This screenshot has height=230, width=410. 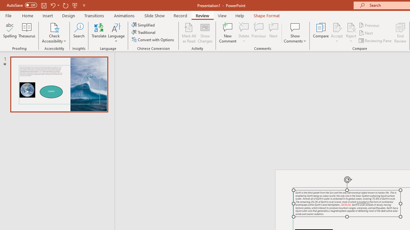 I want to click on 'Show Comments', so click(x=295, y=33).